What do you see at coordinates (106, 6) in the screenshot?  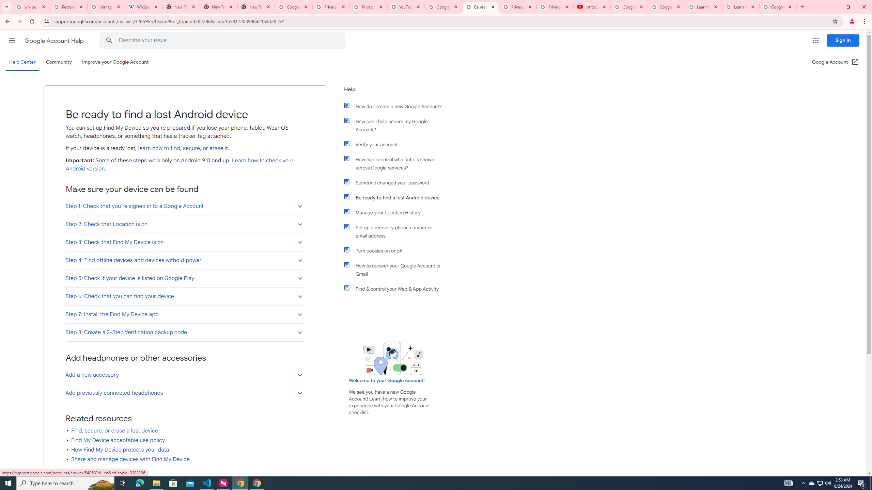 I see `'Manage your Location History - Google Search Help'` at bounding box center [106, 6].